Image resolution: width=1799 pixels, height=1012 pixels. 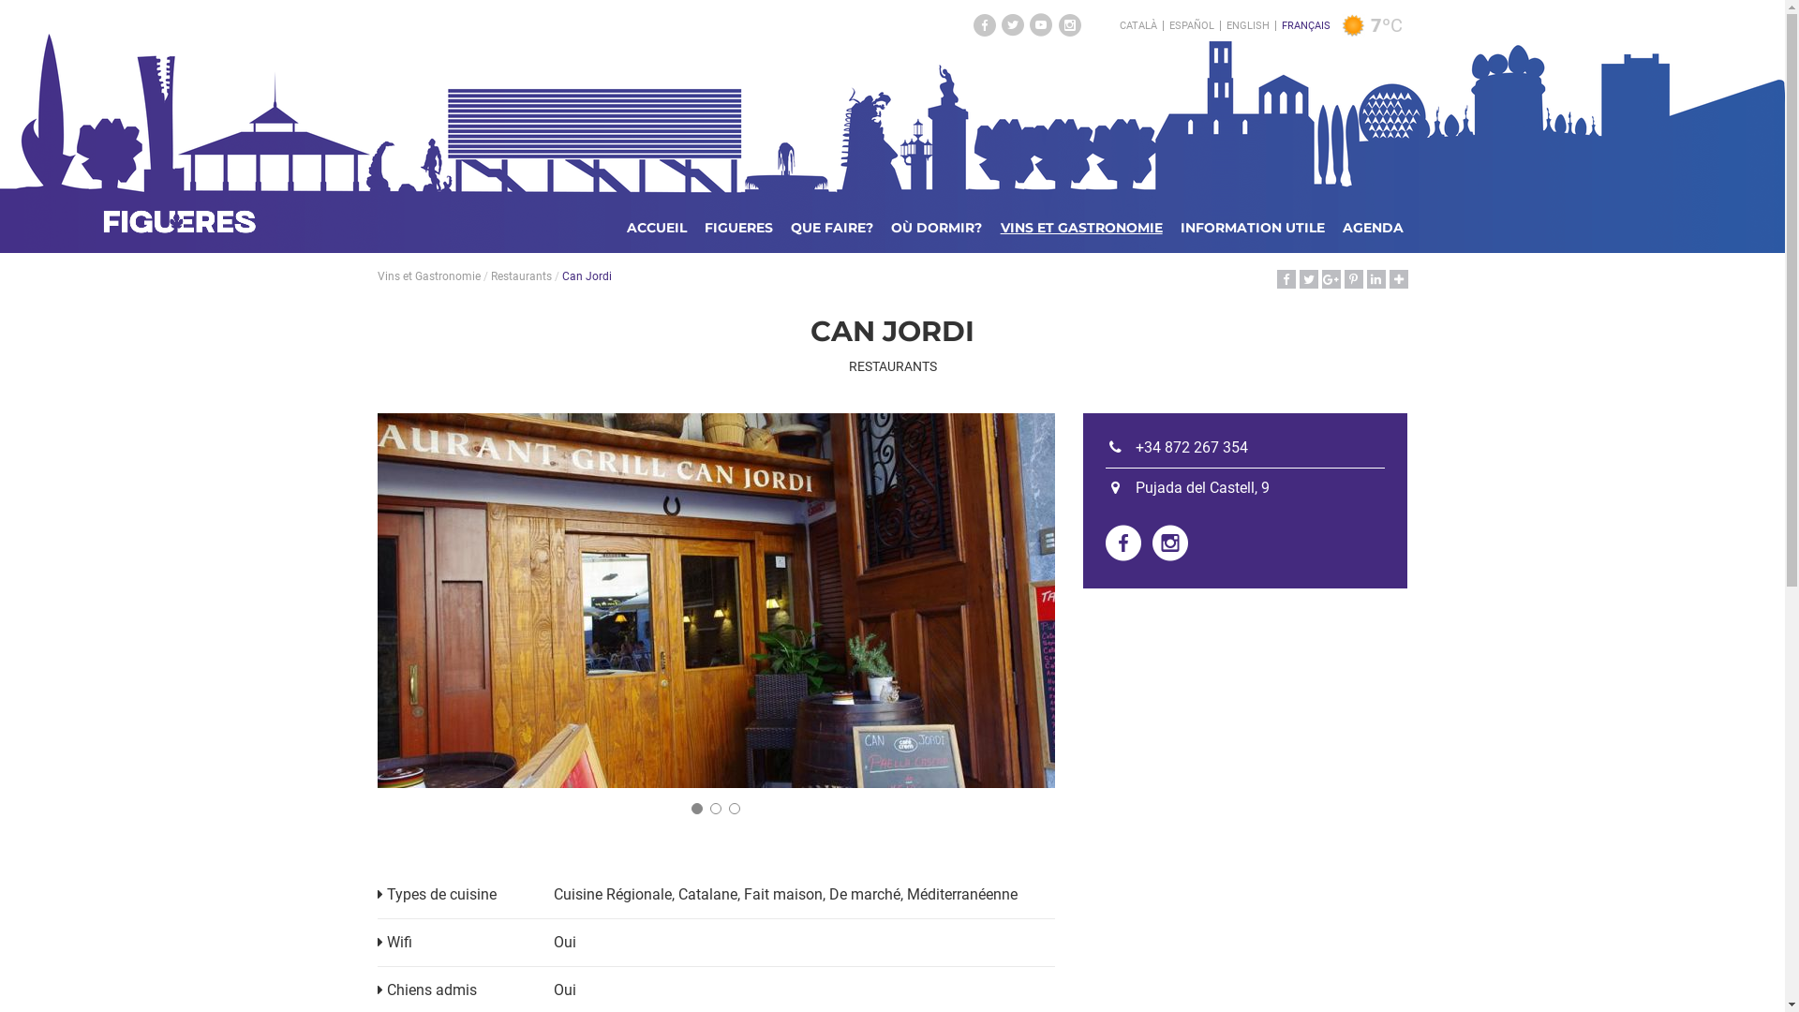 I want to click on 'Vins et Gastronomie', so click(x=426, y=275).